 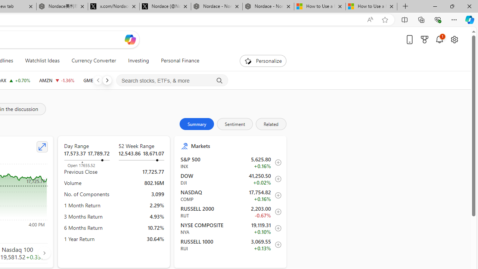 What do you see at coordinates (230, 195) in the screenshot?
I see `'COMP NASDAQ increase 17,754.82 +29.06 +0.16% itemundefined'` at bounding box center [230, 195].